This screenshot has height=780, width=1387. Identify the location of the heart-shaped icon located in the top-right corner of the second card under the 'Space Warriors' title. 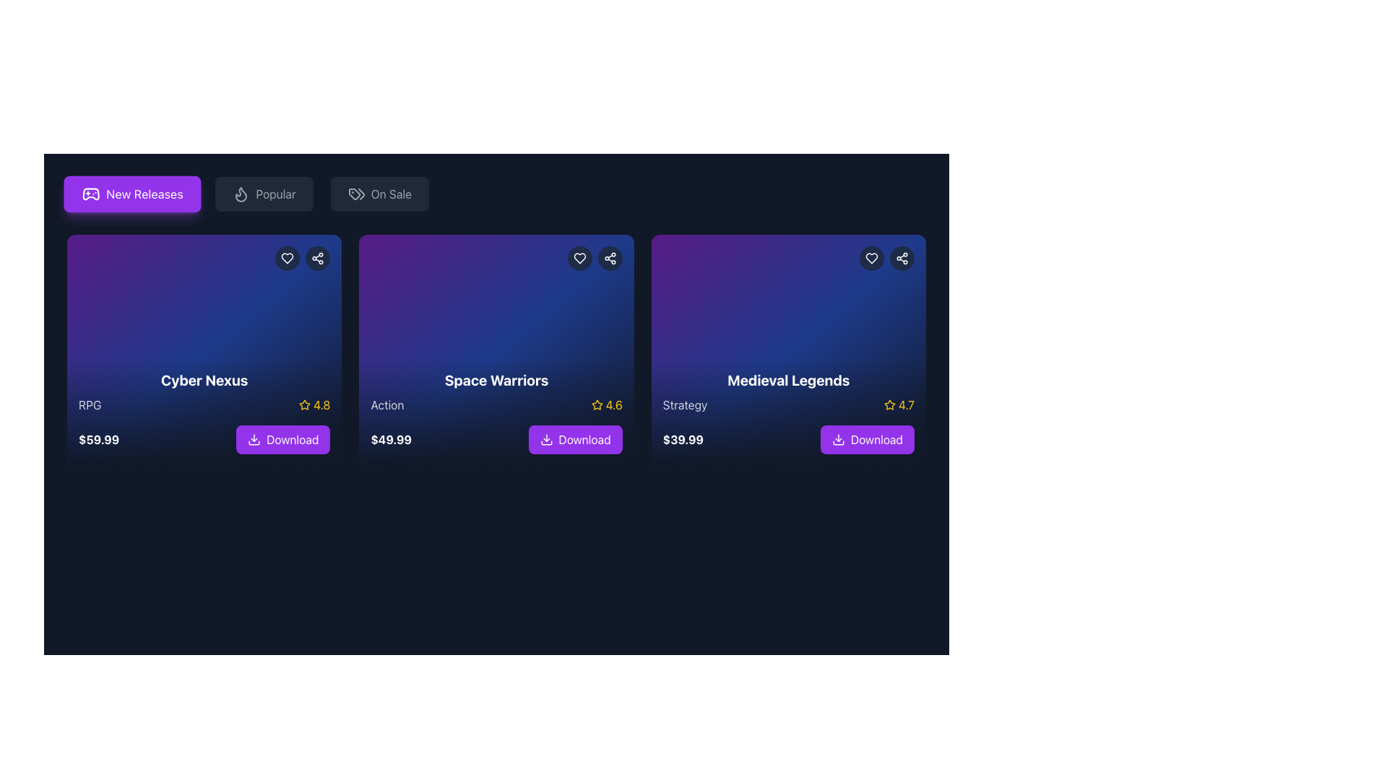
(579, 258).